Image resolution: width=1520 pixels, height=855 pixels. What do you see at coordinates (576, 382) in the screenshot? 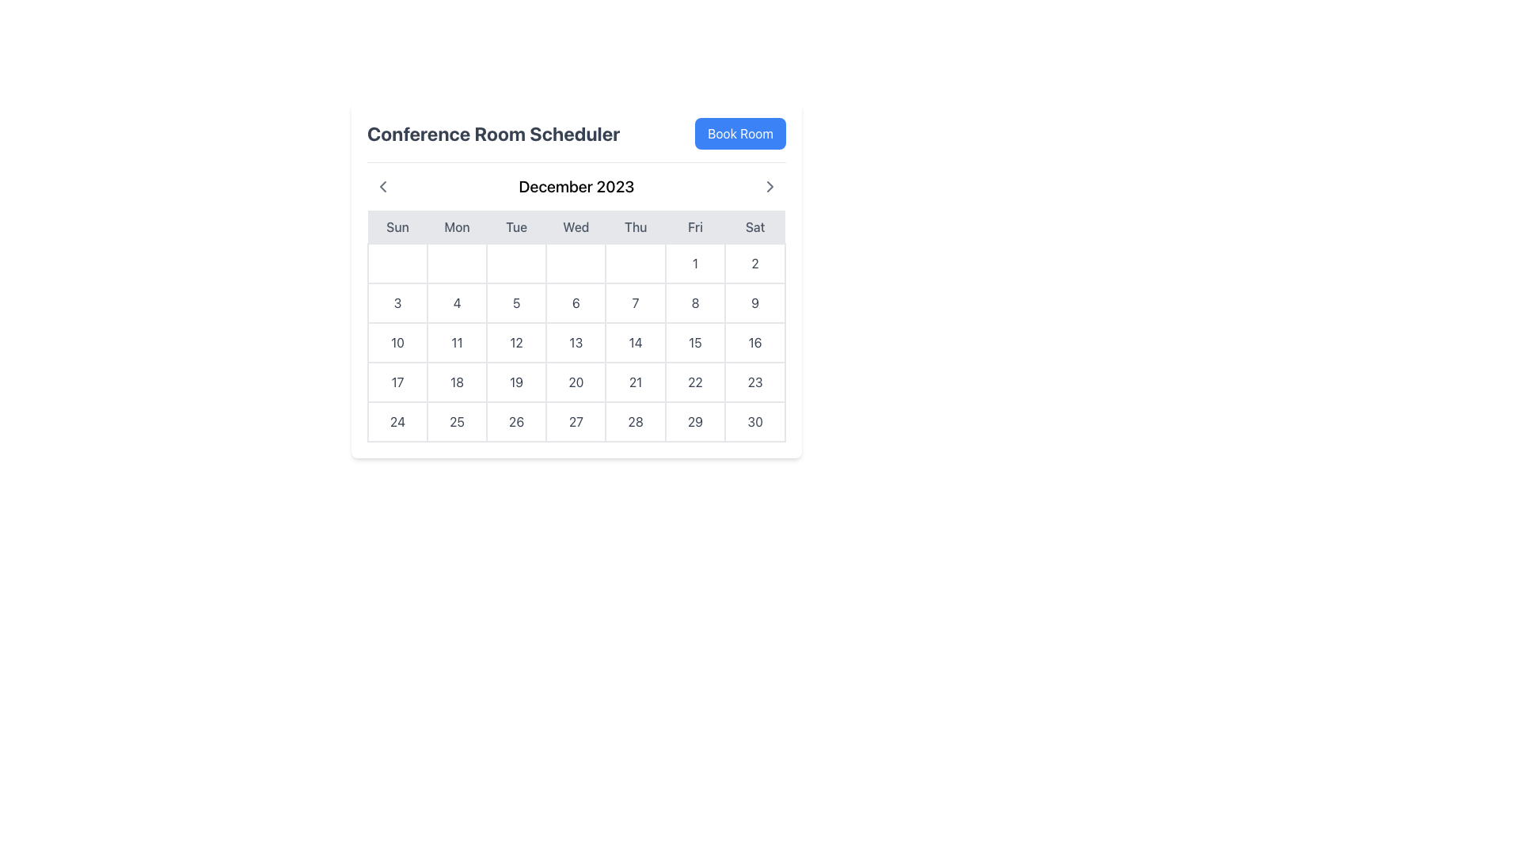
I see `the calendar cell styled as a rounded rectangle containing the text '20'` at bounding box center [576, 382].